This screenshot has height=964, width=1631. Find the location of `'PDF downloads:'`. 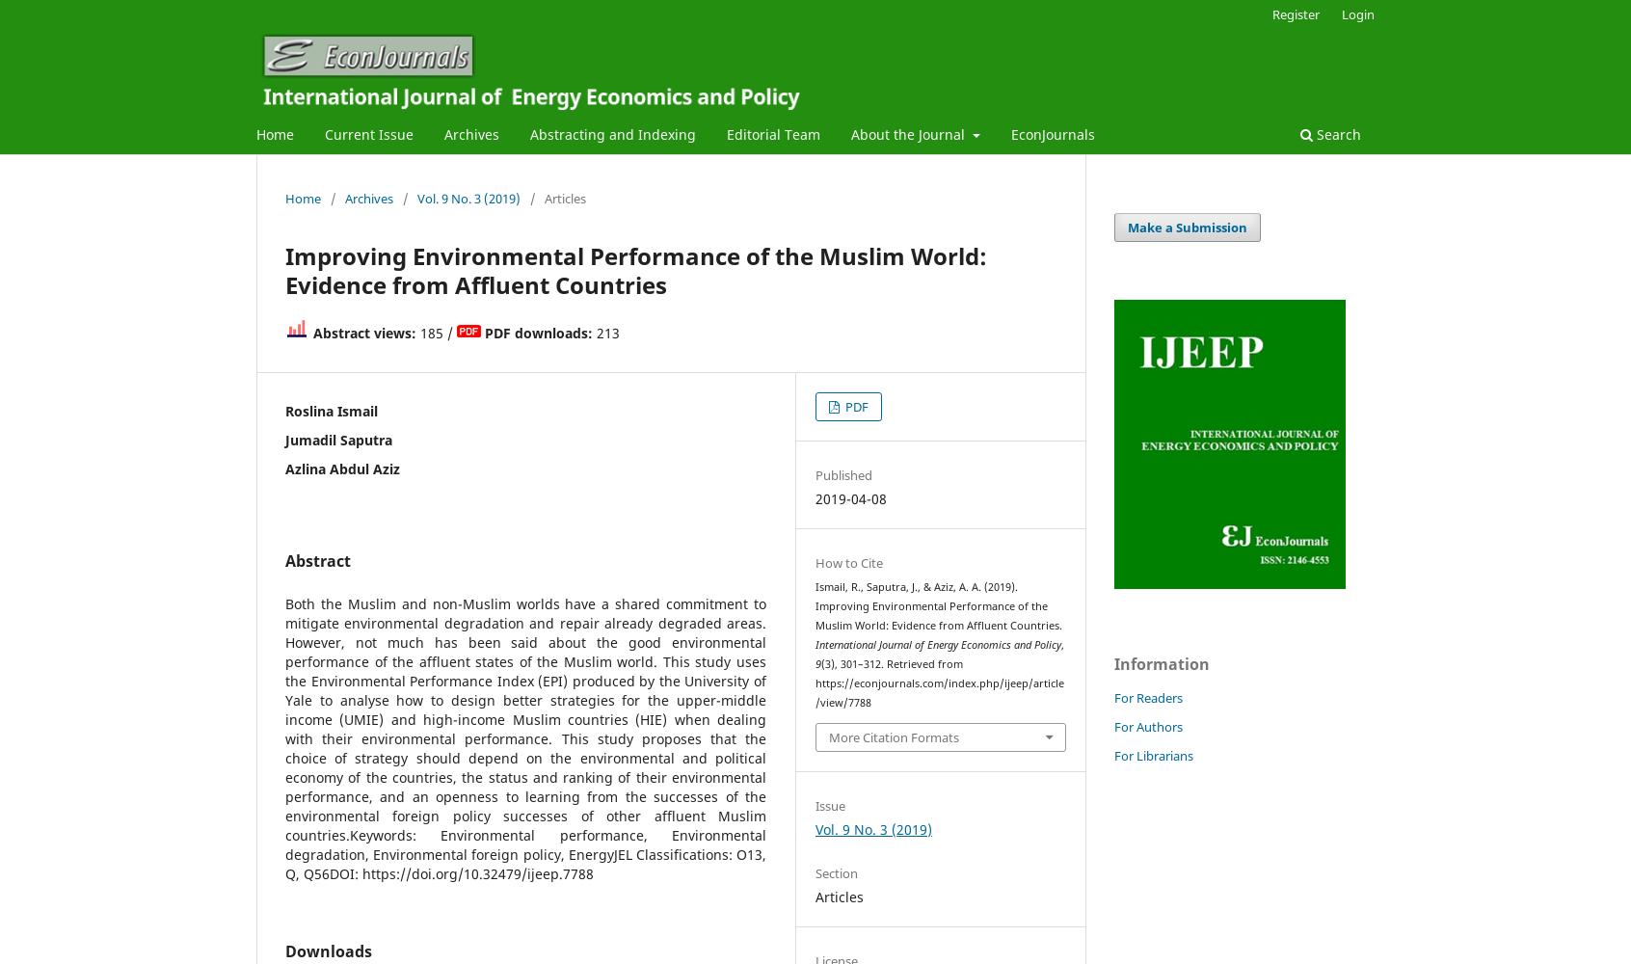

'PDF downloads:' is located at coordinates (539, 331).